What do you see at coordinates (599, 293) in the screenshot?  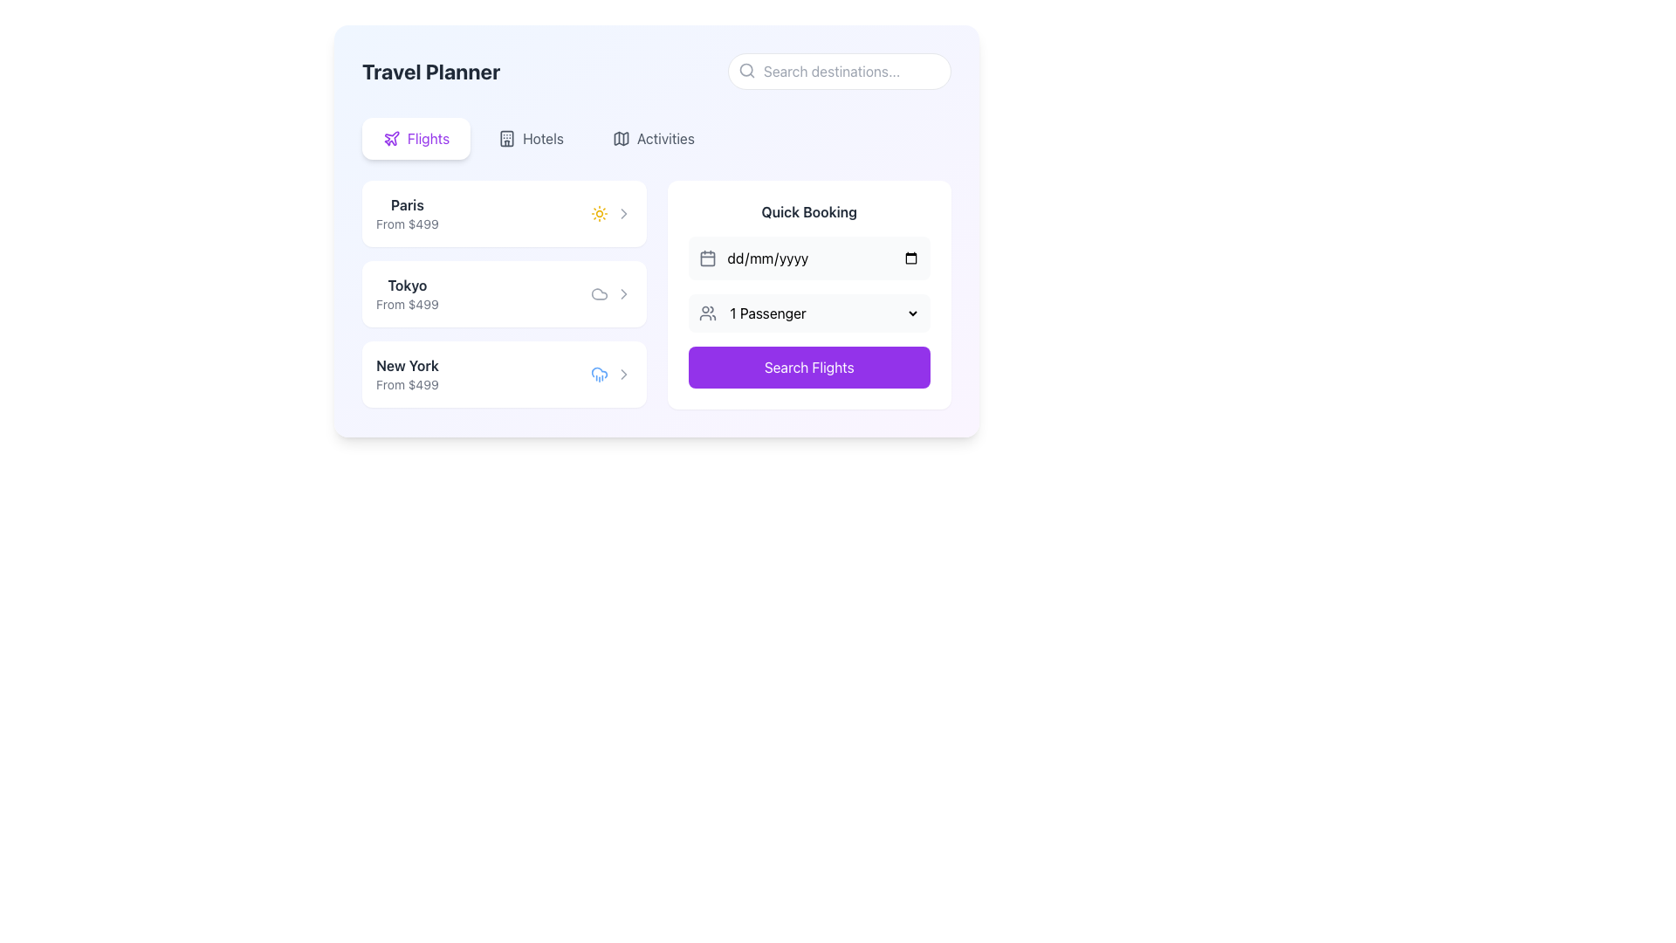 I see `the cloud-shaped icon with a gray stroke located in the third row of destination options, next to a chevron icon` at bounding box center [599, 293].